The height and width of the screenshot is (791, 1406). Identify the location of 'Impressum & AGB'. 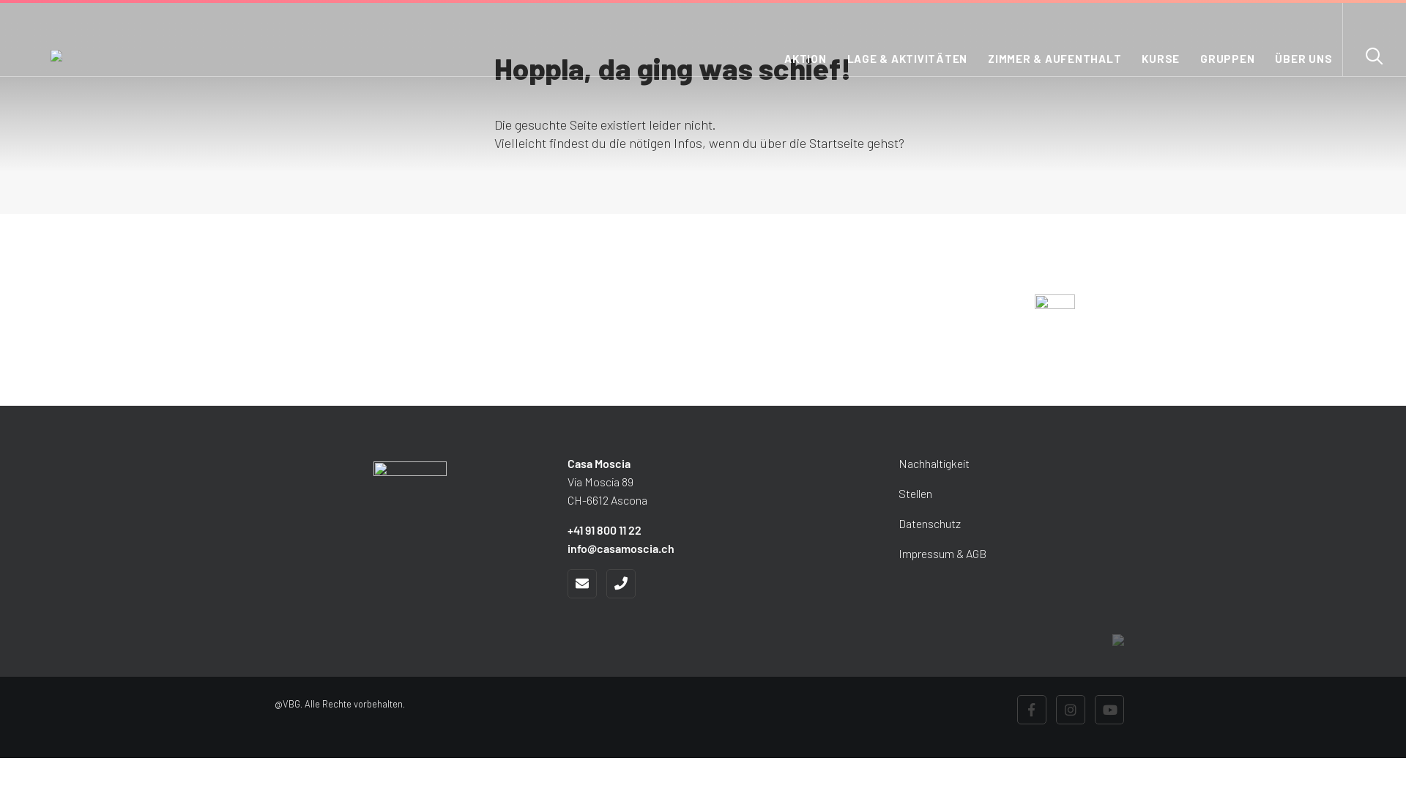
(923, 553).